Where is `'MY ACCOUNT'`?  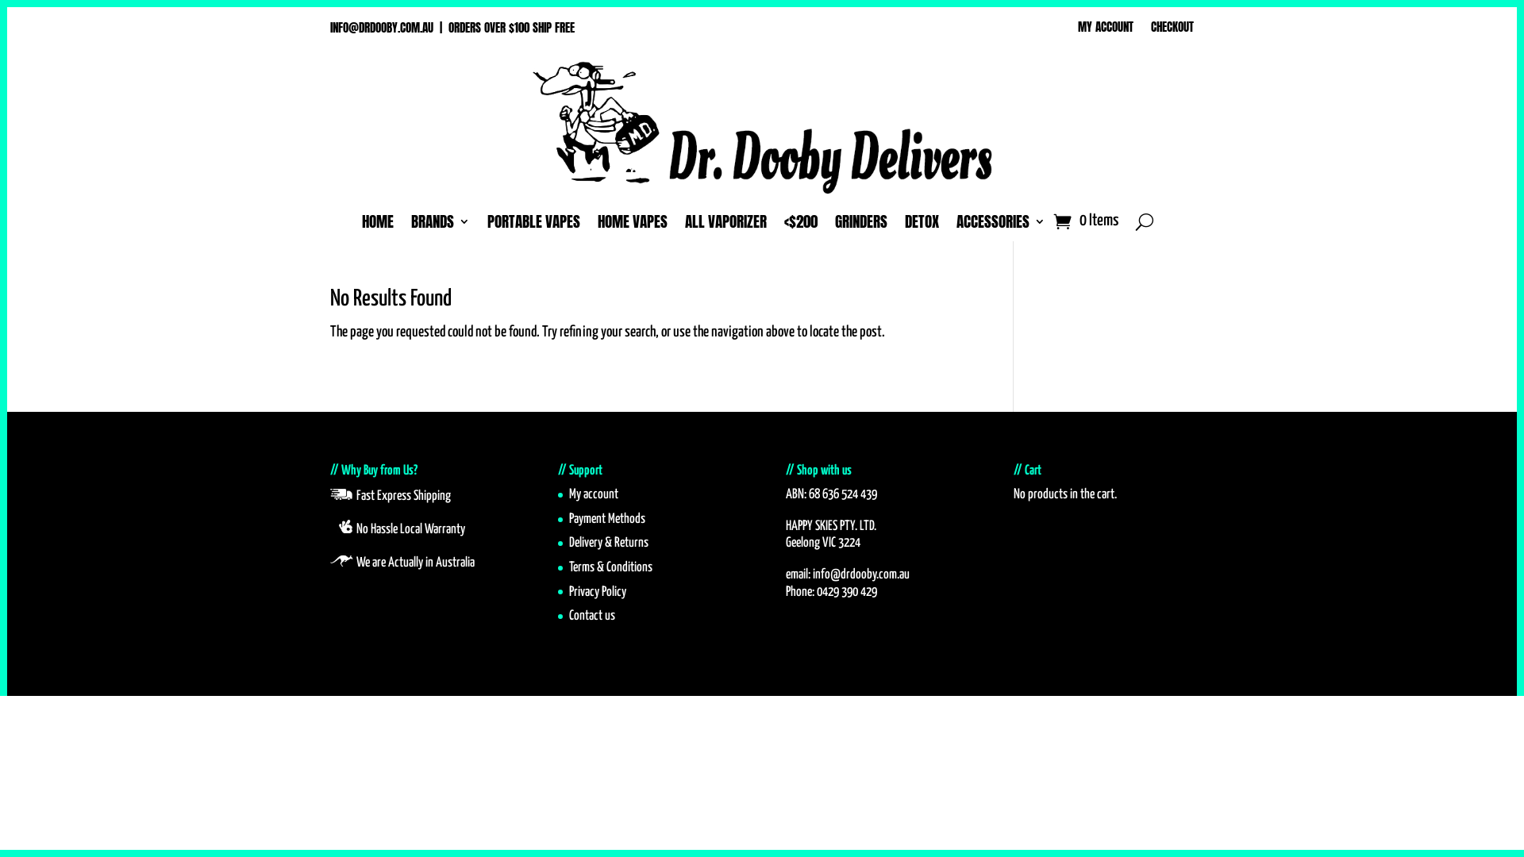 'MY ACCOUNT' is located at coordinates (1104, 30).